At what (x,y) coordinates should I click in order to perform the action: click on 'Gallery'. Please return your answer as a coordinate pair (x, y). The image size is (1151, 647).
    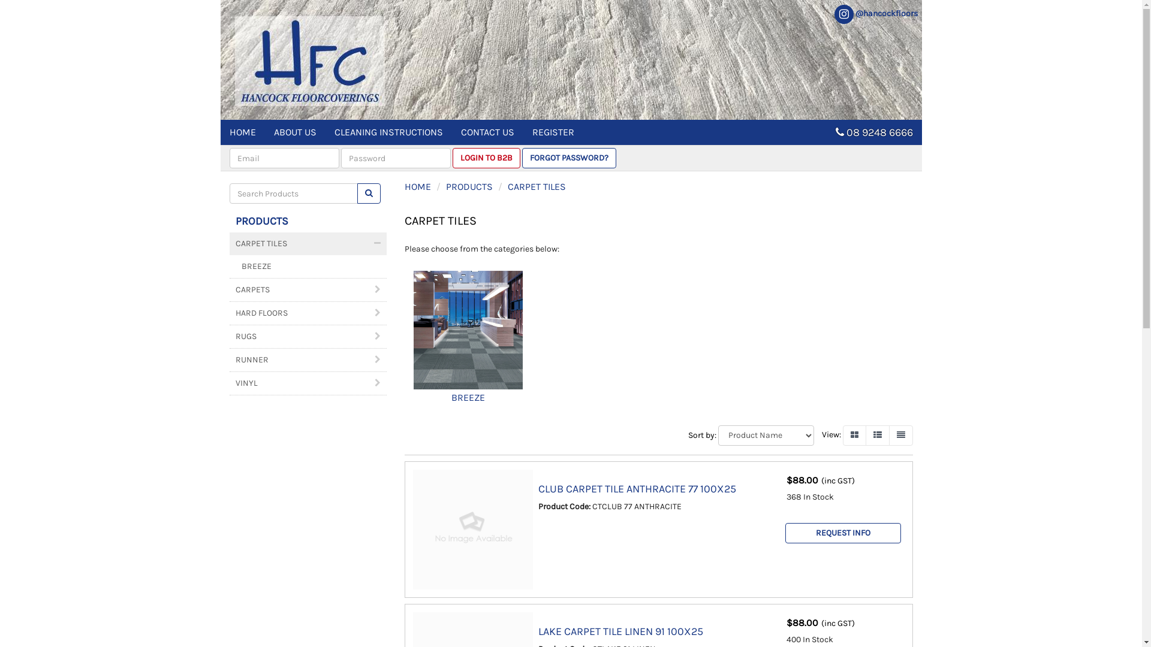
    Looking at the image, I should click on (842, 435).